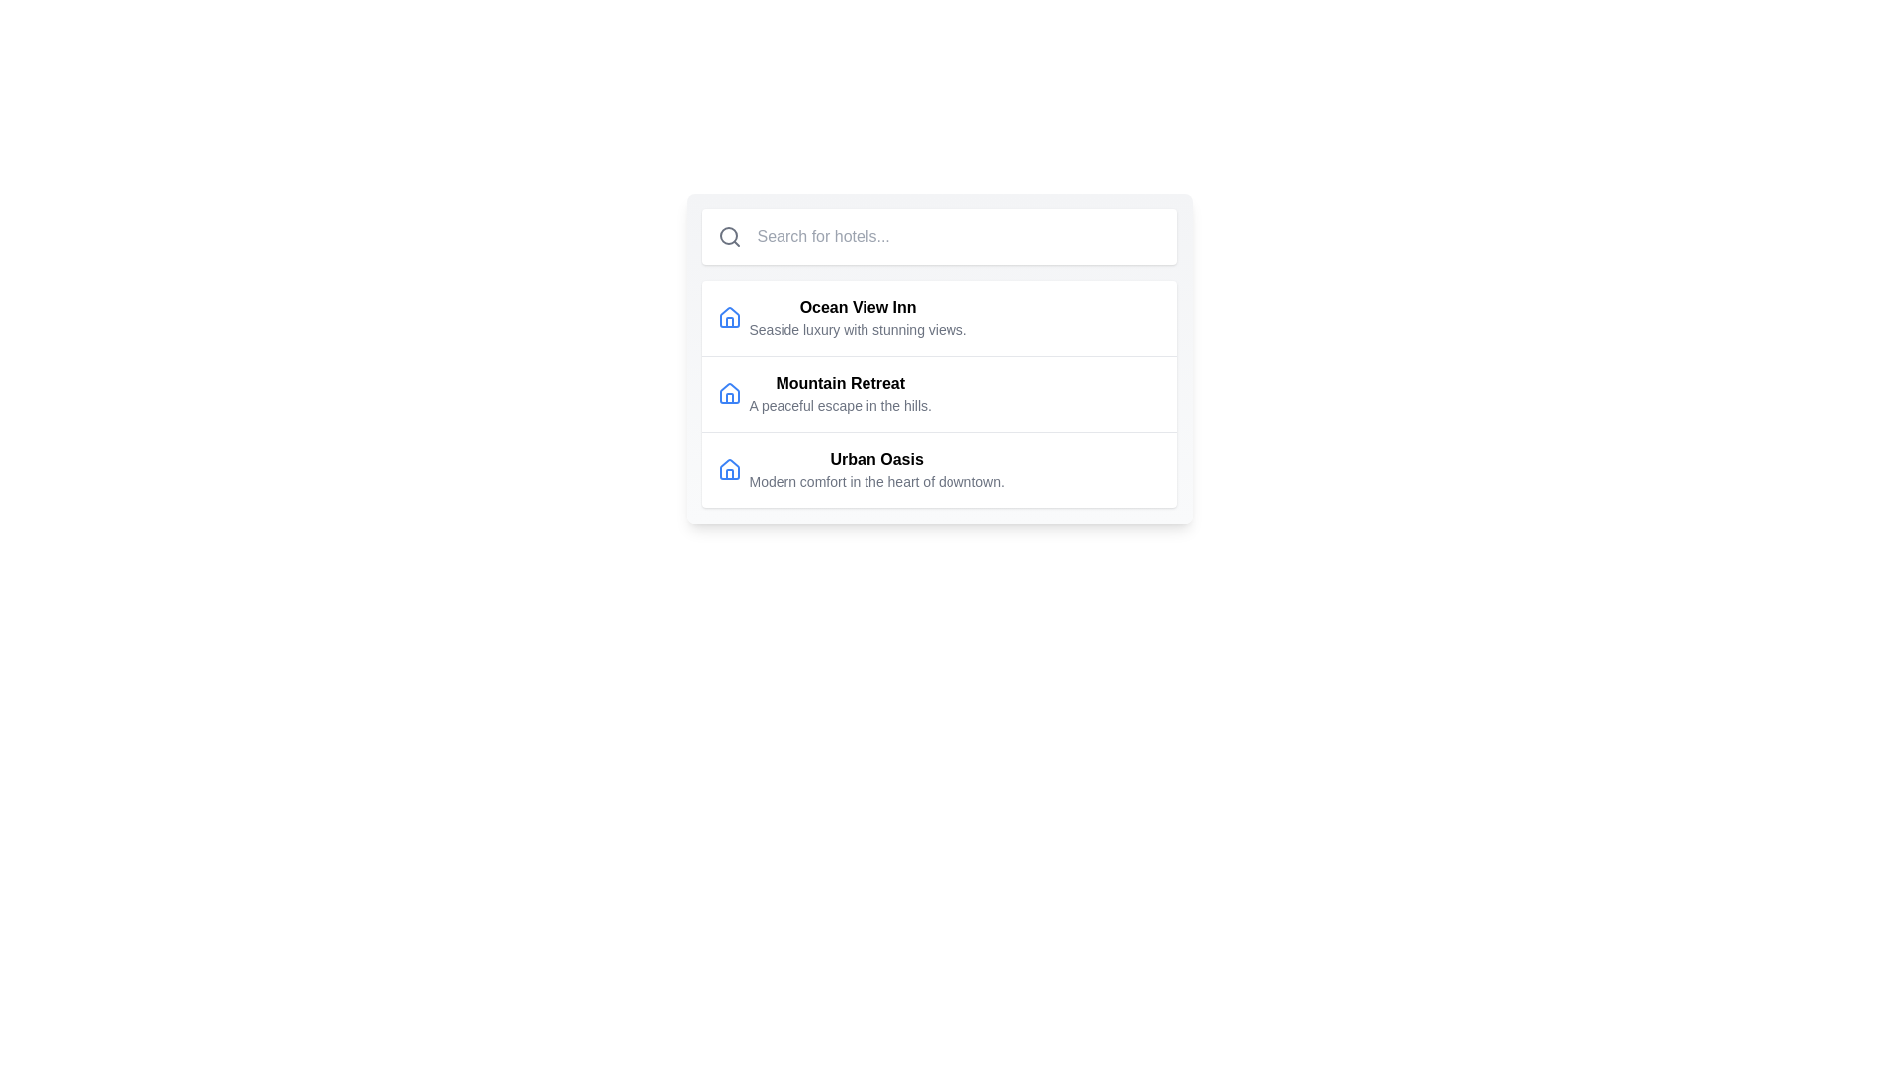 This screenshot has height=1067, width=1897. Describe the element at coordinates (728, 316) in the screenshot. I see `the graphical icon representing the first list item adjacent to the label 'Ocean View Inn'` at that location.